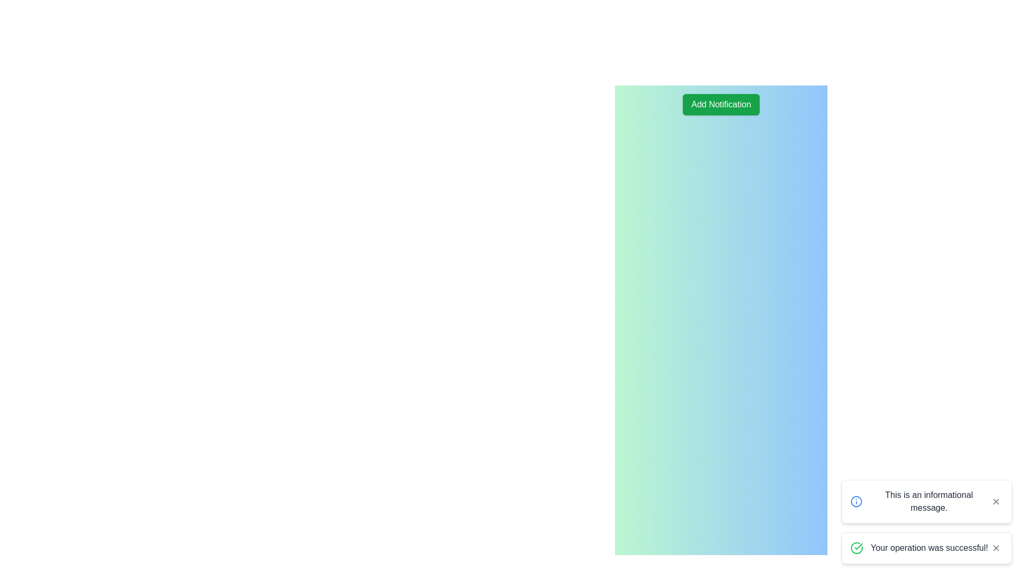 This screenshot has width=1025, height=577. Describe the element at coordinates (926, 548) in the screenshot. I see `the notification card with rounded corners and a white background that contains a green check icon and the text 'Your operation was successful!', located at the bottom-right corner of the interface` at that location.